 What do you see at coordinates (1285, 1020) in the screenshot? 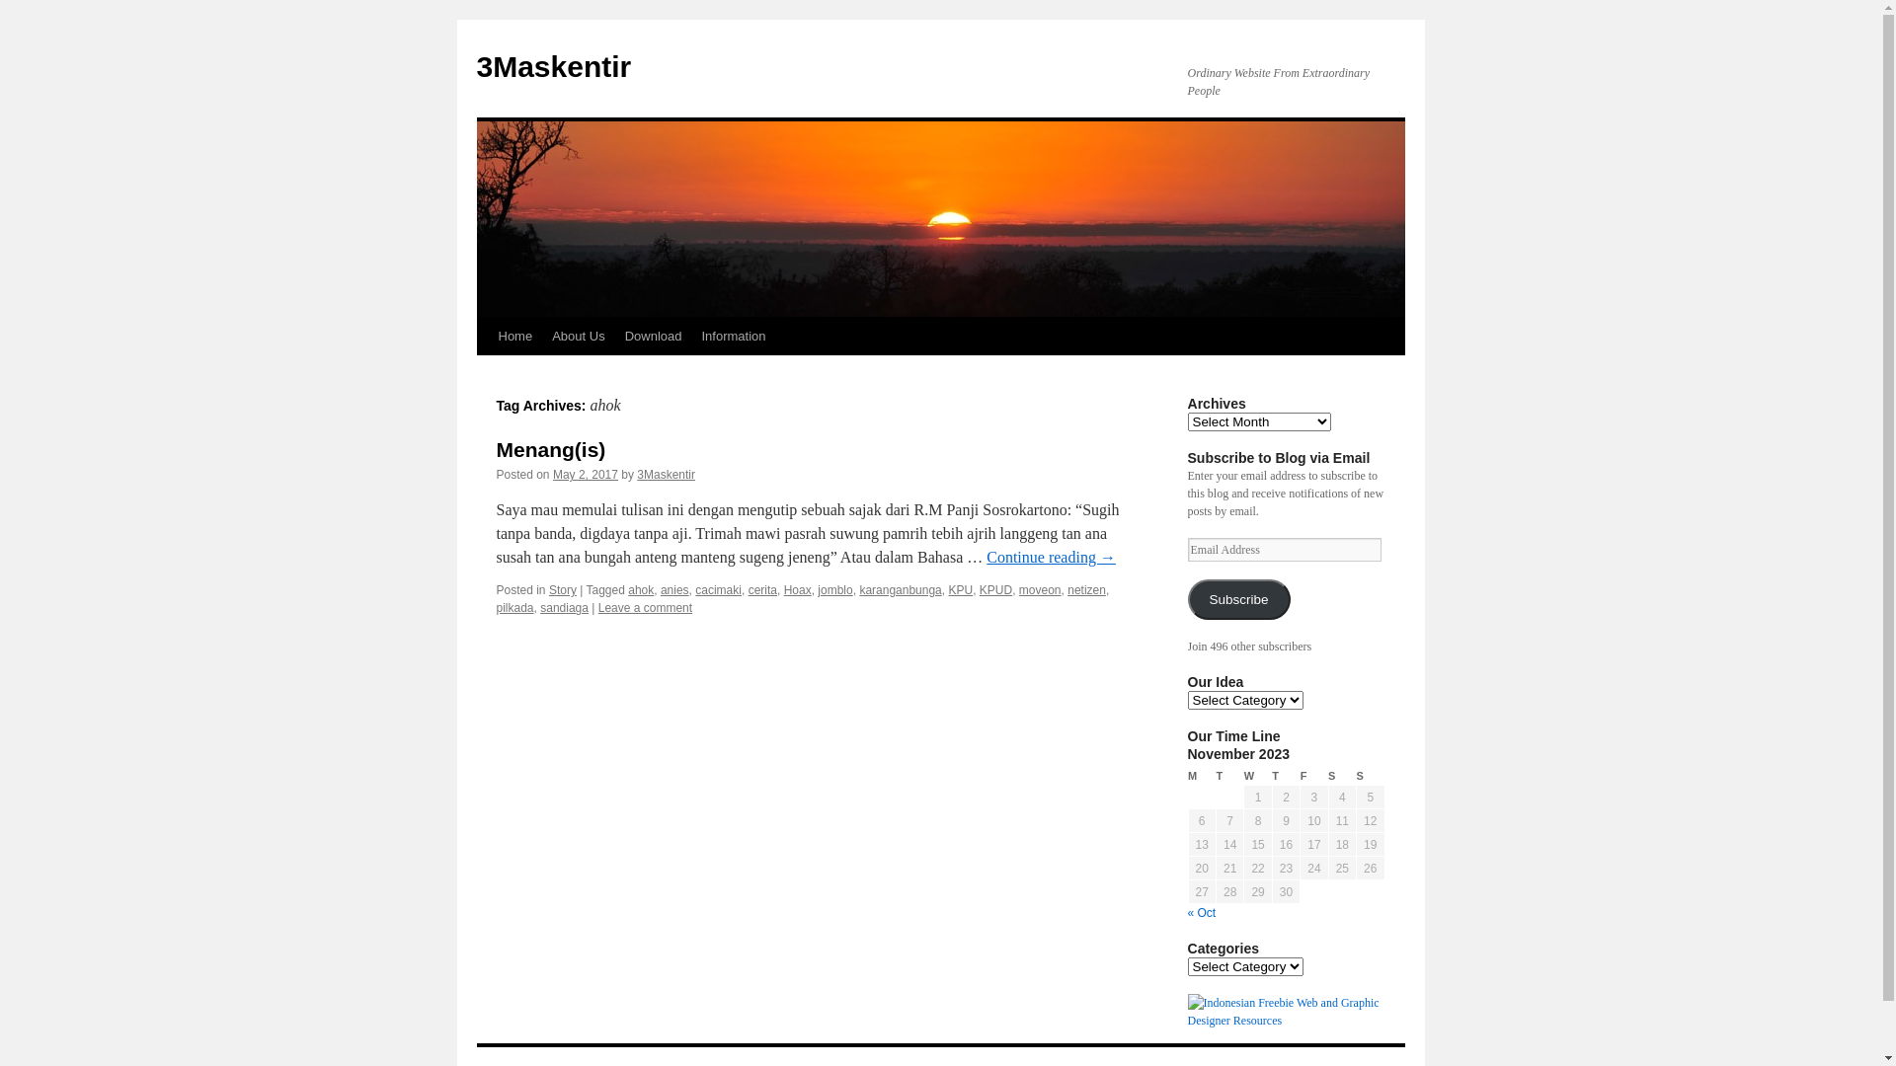
I see `'Indonesian Freebie Web and Graphic Designer Resources'` at bounding box center [1285, 1020].